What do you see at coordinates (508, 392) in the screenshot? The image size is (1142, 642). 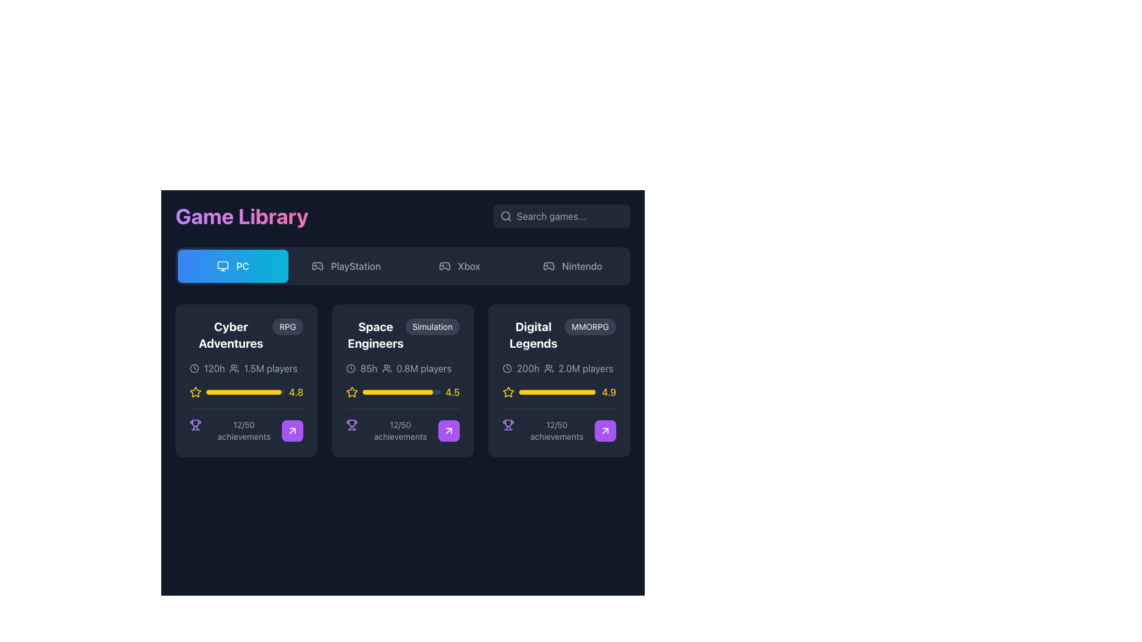 I see `the rating represented by the star-shaped rating icon outlined in yellow located next to the rating number on the game card in the second row of available games` at bounding box center [508, 392].